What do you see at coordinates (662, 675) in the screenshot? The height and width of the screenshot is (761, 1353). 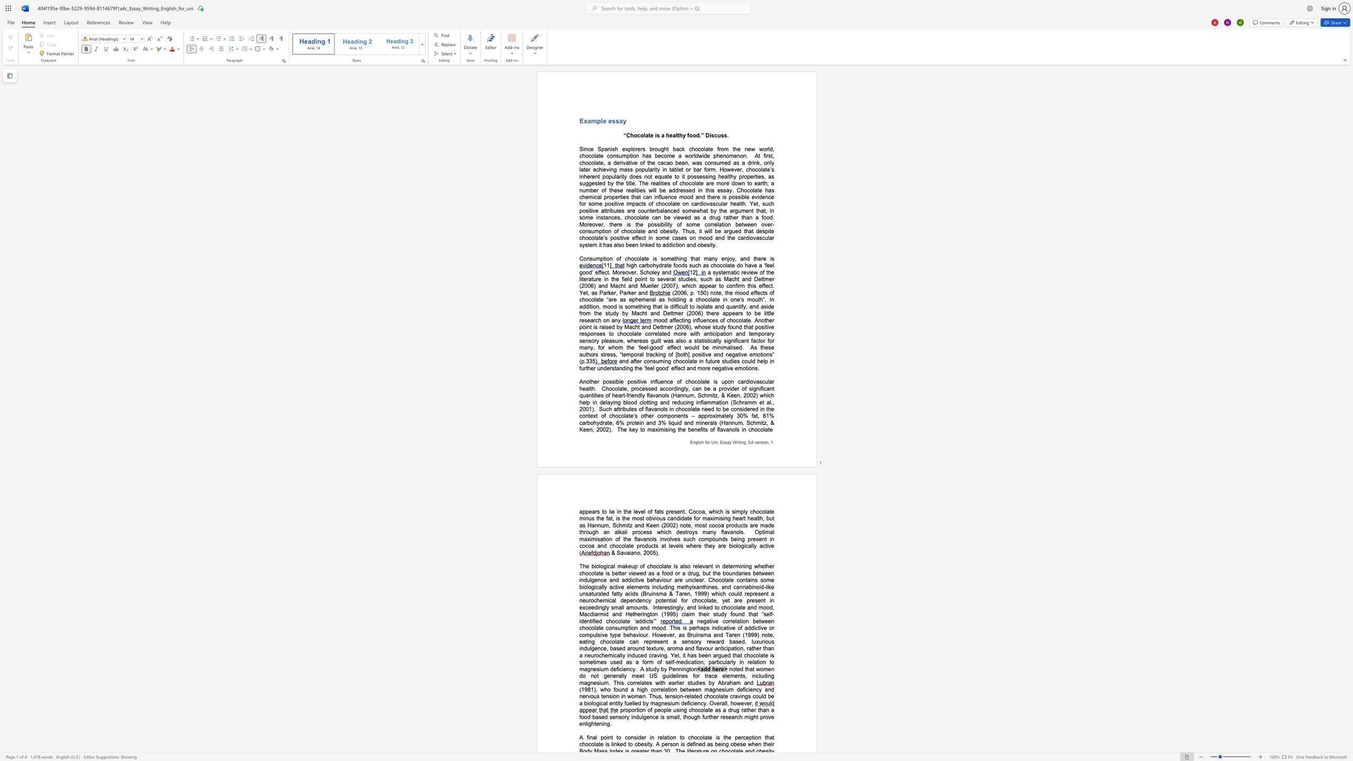 I see `the subset text "guidelines for trace elements, including magnesium. This correlates with earlier studies by" within the text "US guidelines for trace elements, including magnesium. This correlates with earlier studies by Abraham and"` at bounding box center [662, 675].